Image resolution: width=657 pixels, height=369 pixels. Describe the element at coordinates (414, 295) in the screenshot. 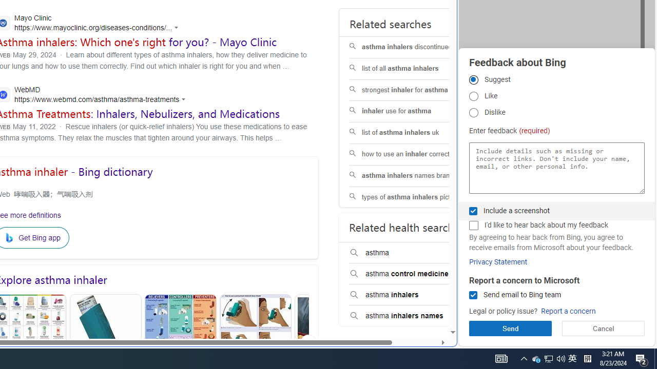

I see `'asthma inhalers'` at that location.